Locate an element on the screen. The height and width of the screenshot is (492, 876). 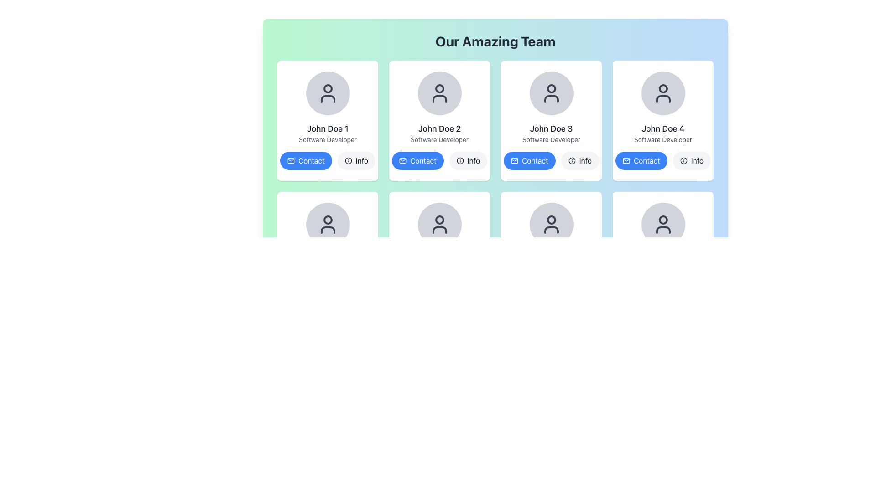
text from the title label displaying the name of a team member, positioned below the user avatar icon and above the 'Contact' and 'Info' buttons is located at coordinates (439, 128).